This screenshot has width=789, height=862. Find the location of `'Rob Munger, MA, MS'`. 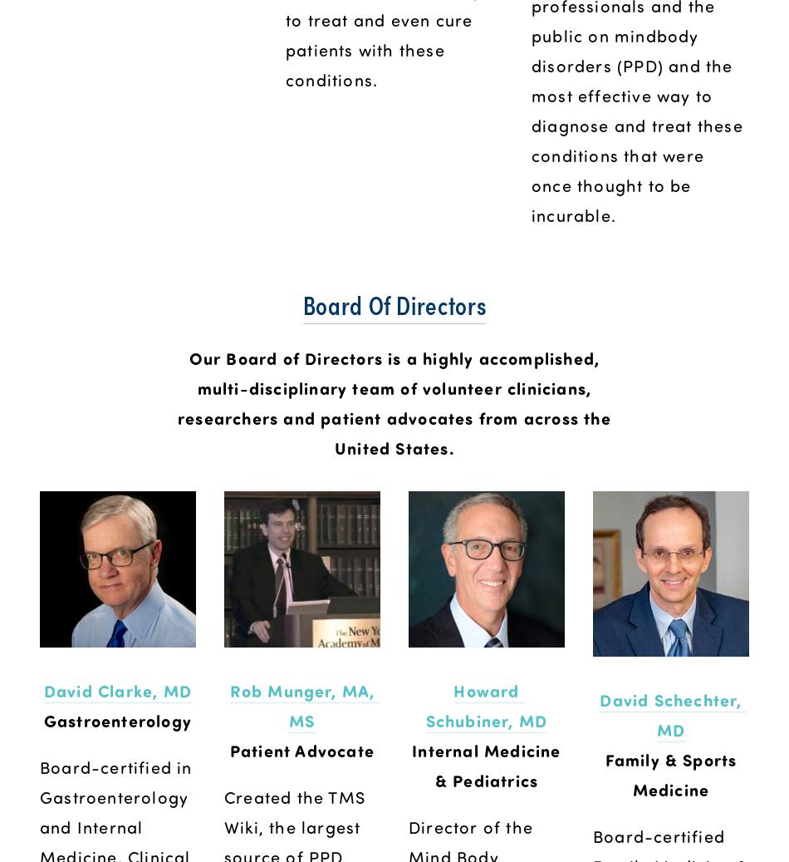

'Rob Munger, MA, MS' is located at coordinates (303, 704).